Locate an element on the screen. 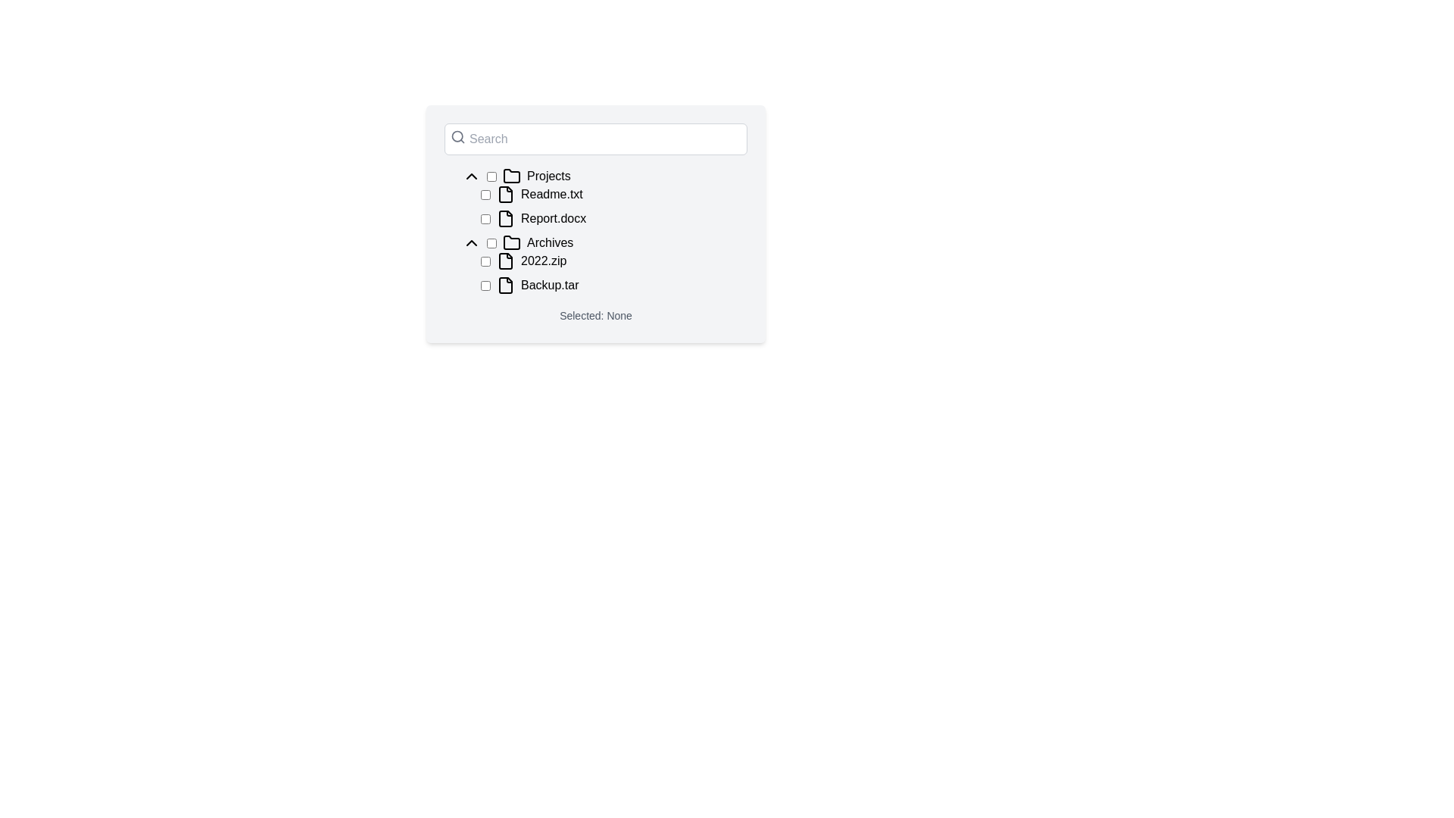 The image size is (1454, 818). the text label 'Backup.tar' is located at coordinates (549, 286).